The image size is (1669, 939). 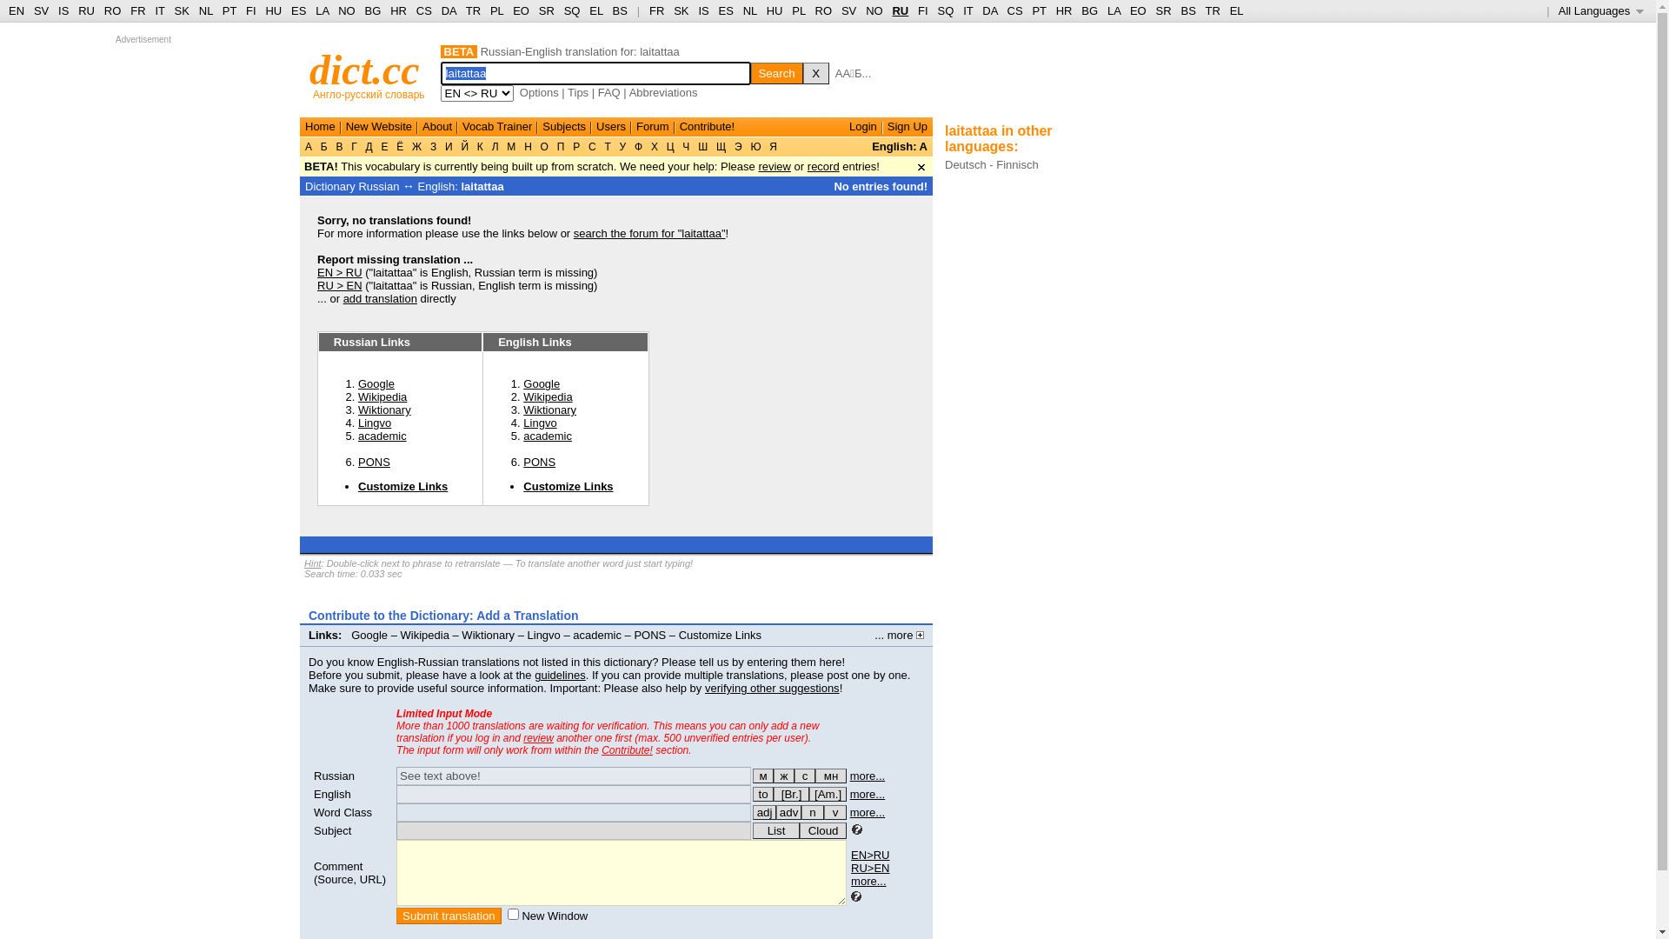 What do you see at coordinates (229, 10) in the screenshot?
I see `'PT'` at bounding box center [229, 10].